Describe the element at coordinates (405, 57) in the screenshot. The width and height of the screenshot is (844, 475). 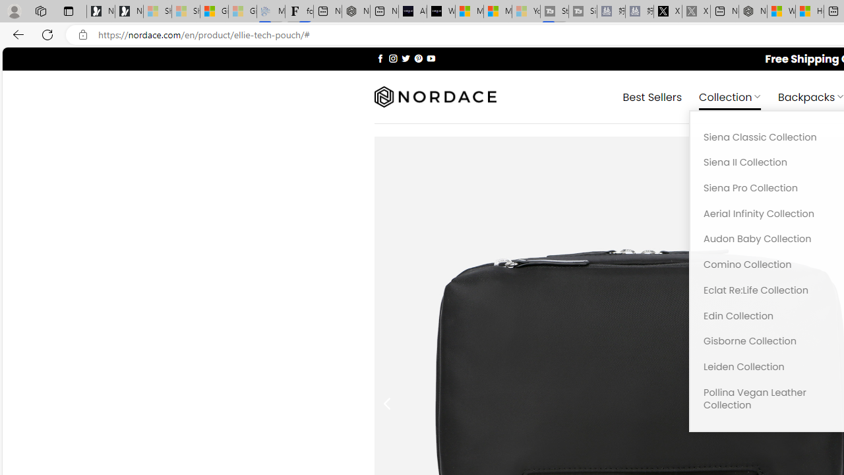
I see `'Follow on Twitter'` at that location.